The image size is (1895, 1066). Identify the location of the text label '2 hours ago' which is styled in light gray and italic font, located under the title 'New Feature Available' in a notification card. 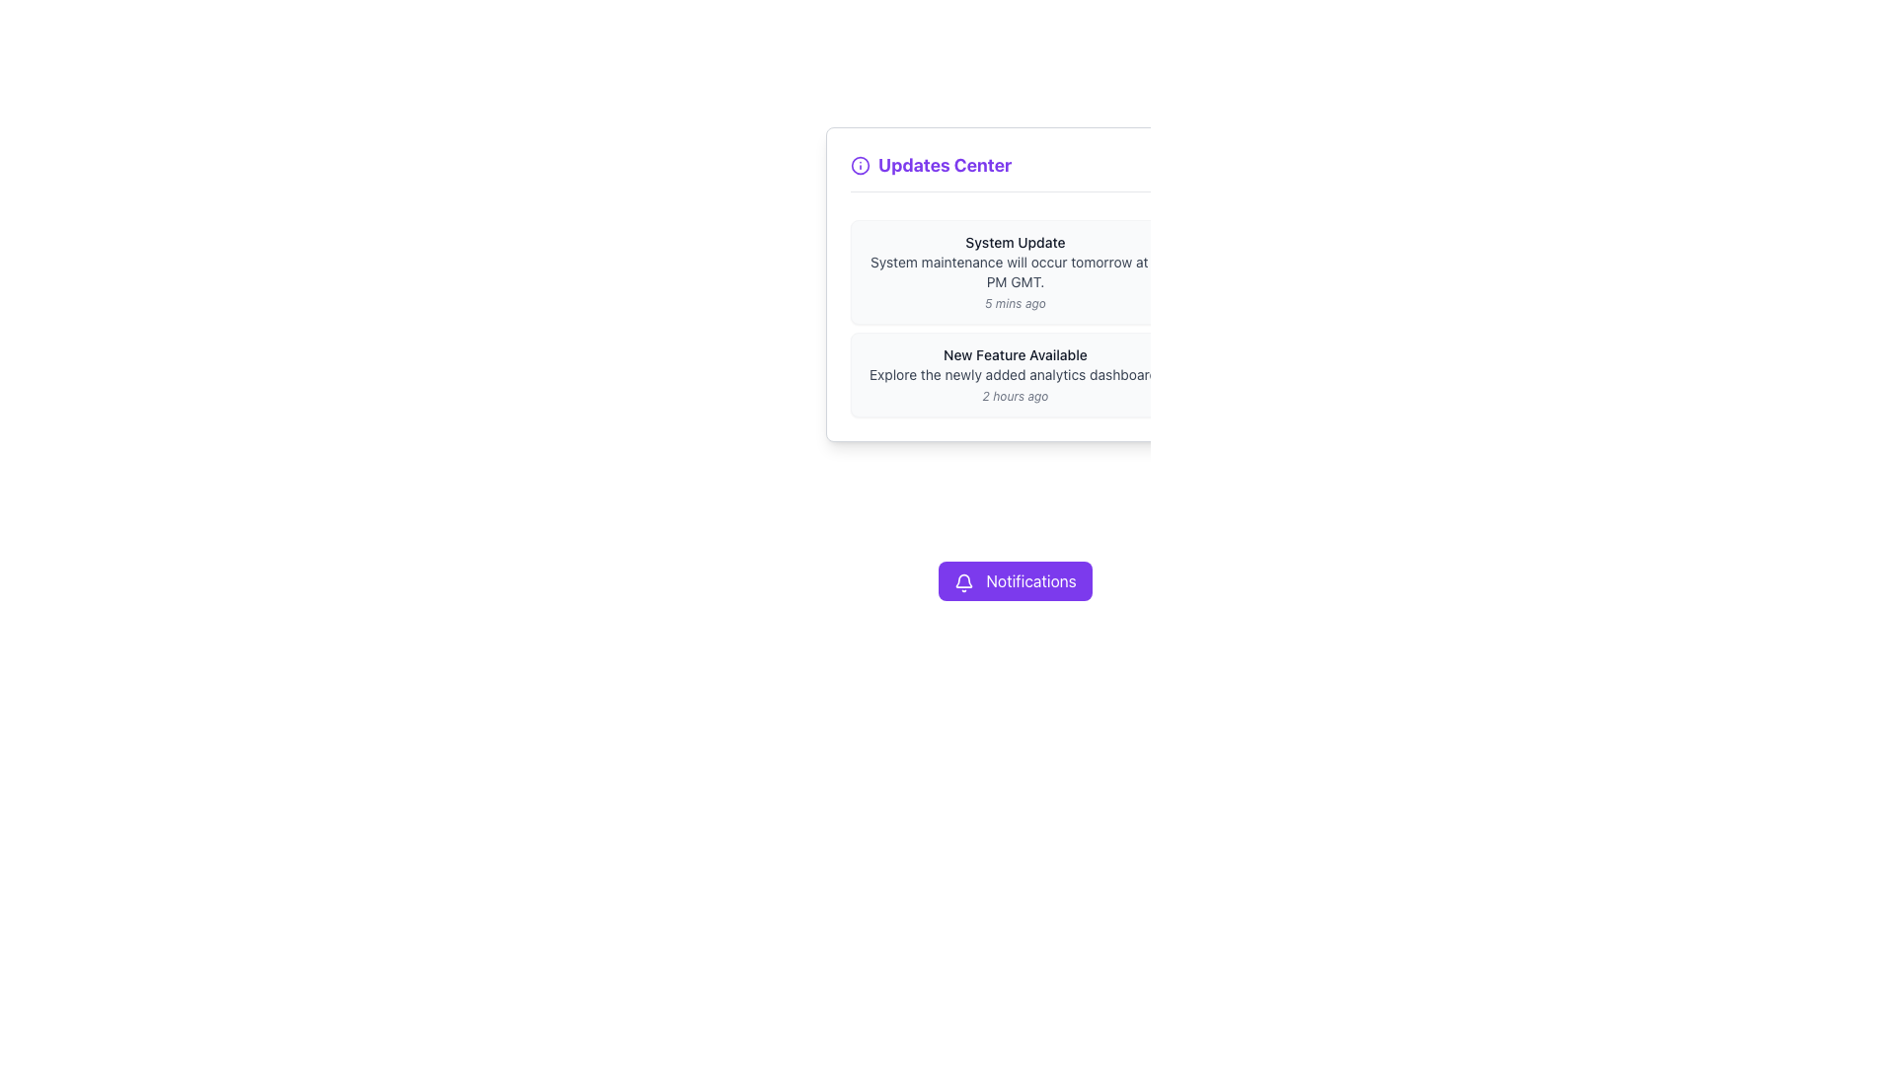
(1015, 396).